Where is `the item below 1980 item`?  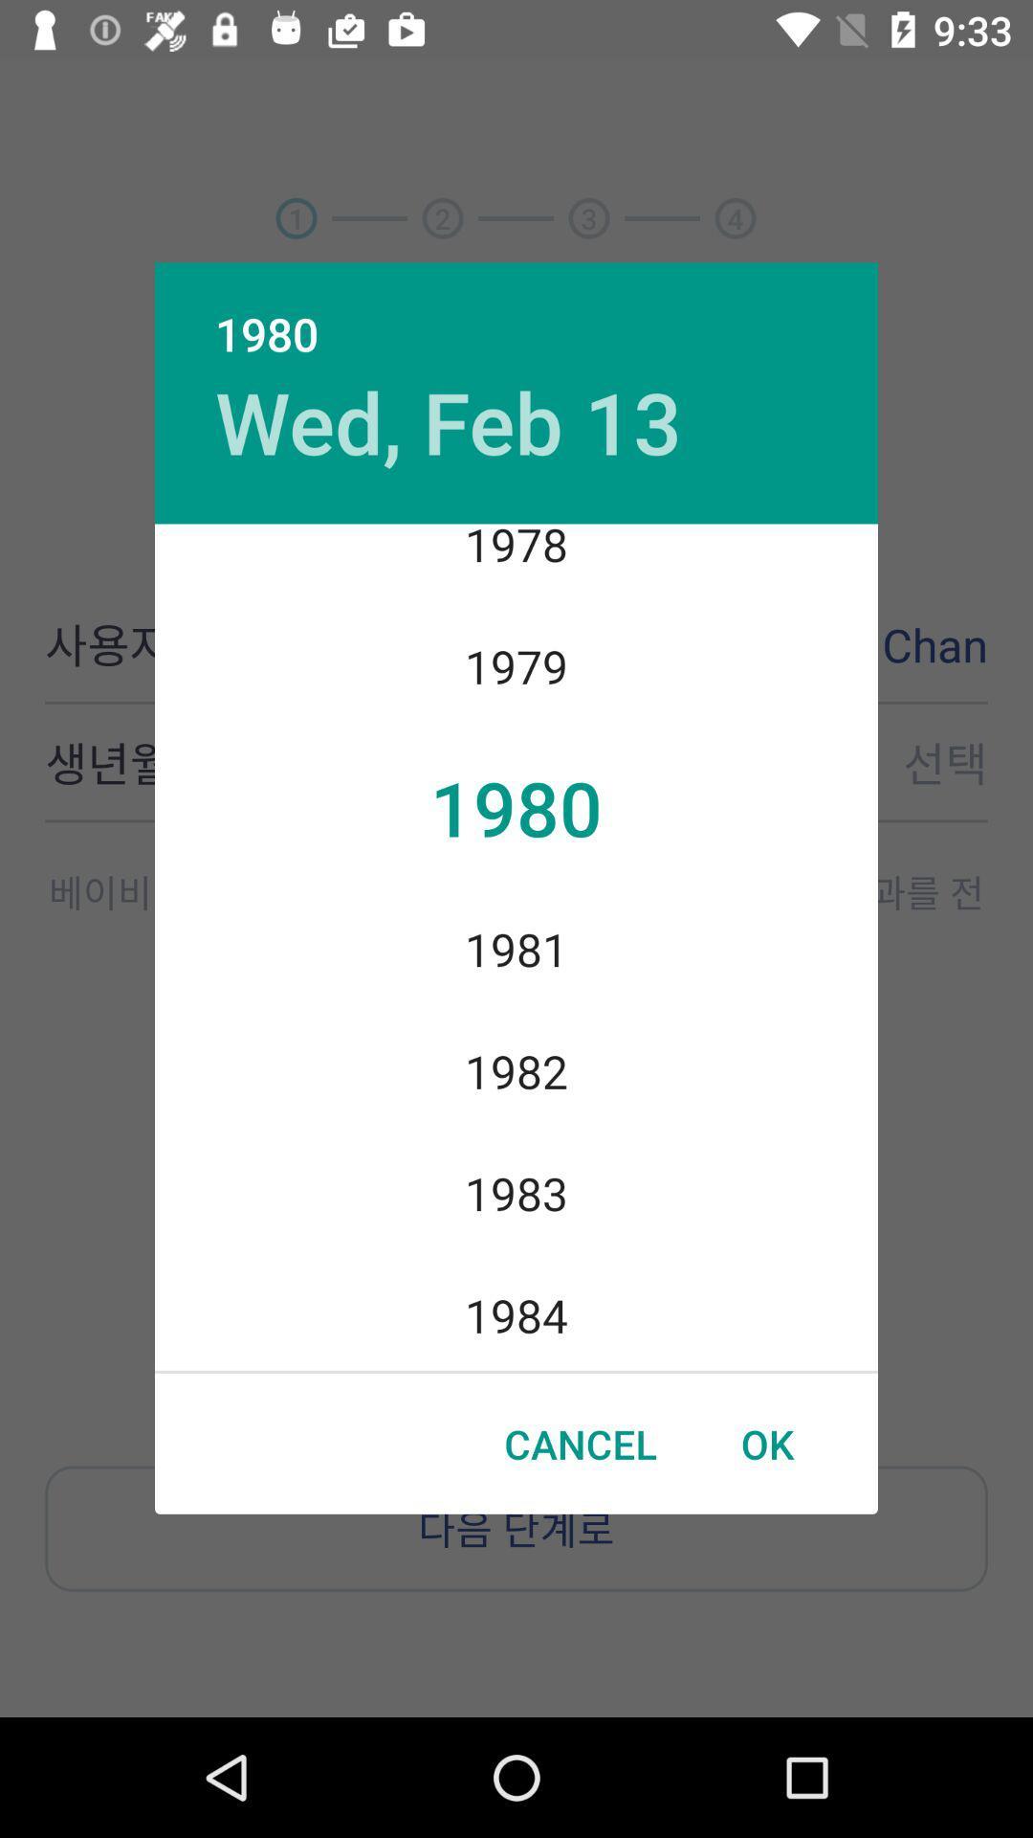 the item below 1980 item is located at coordinates (449, 420).